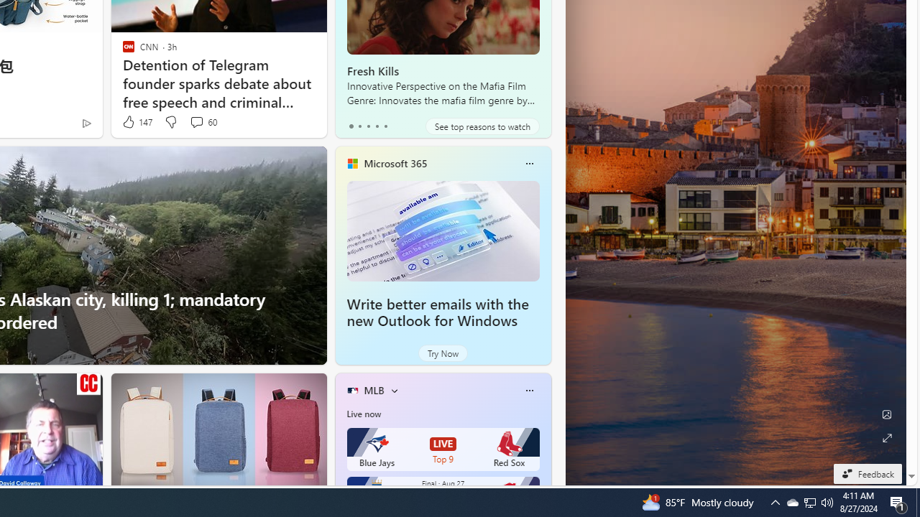  What do you see at coordinates (202, 121) in the screenshot?
I see `'View comments 60 Comment'` at bounding box center [202, 121].